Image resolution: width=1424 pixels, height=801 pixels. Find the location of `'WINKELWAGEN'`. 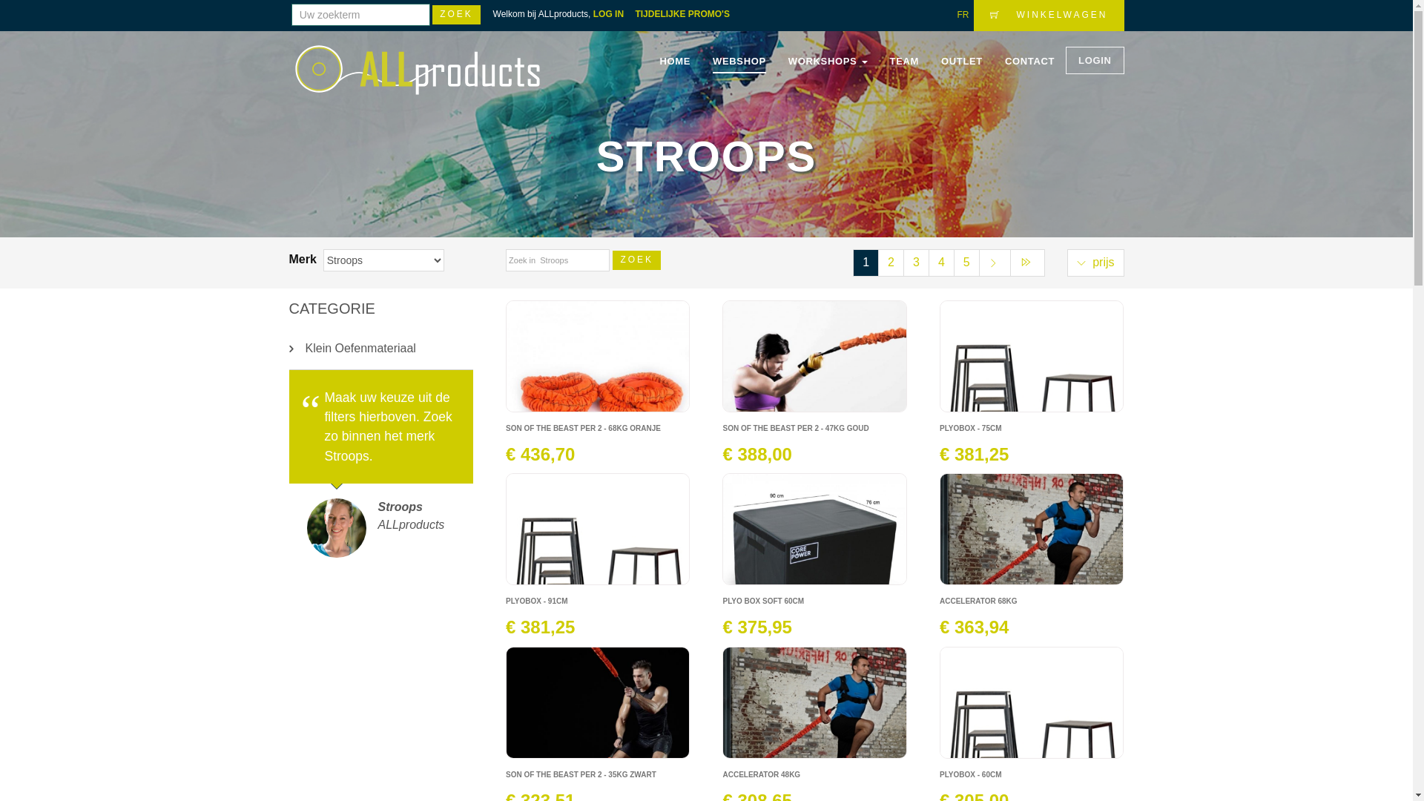

'WINKELWAGEN' is located at coordinates (1048, 15).